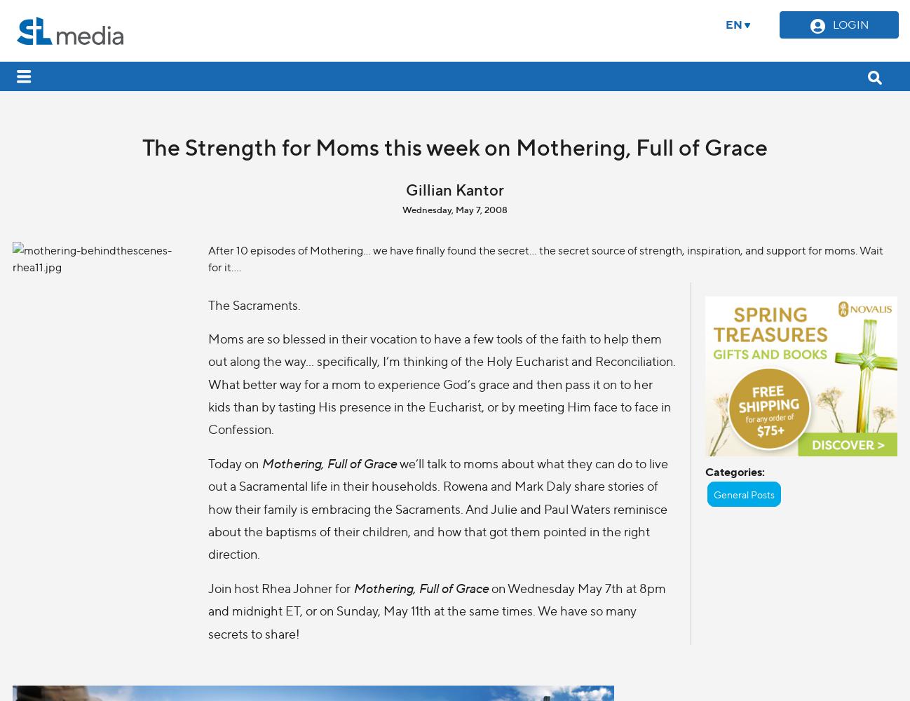 The height and width of the screenshot is (701, 910). What do you see at coordinates (207, 507) in the screenshot?
I see `'we’ll talk to moms about what they can do to live out a Sacramental life in their households. Rowena and Mark Daly share stories of how their family is embracing the Sacraments. And Julie and Paul Waters reminisce about the baptisms of their children, and how that got them pointed in the right direction.'` at bounding box center [207, 507].